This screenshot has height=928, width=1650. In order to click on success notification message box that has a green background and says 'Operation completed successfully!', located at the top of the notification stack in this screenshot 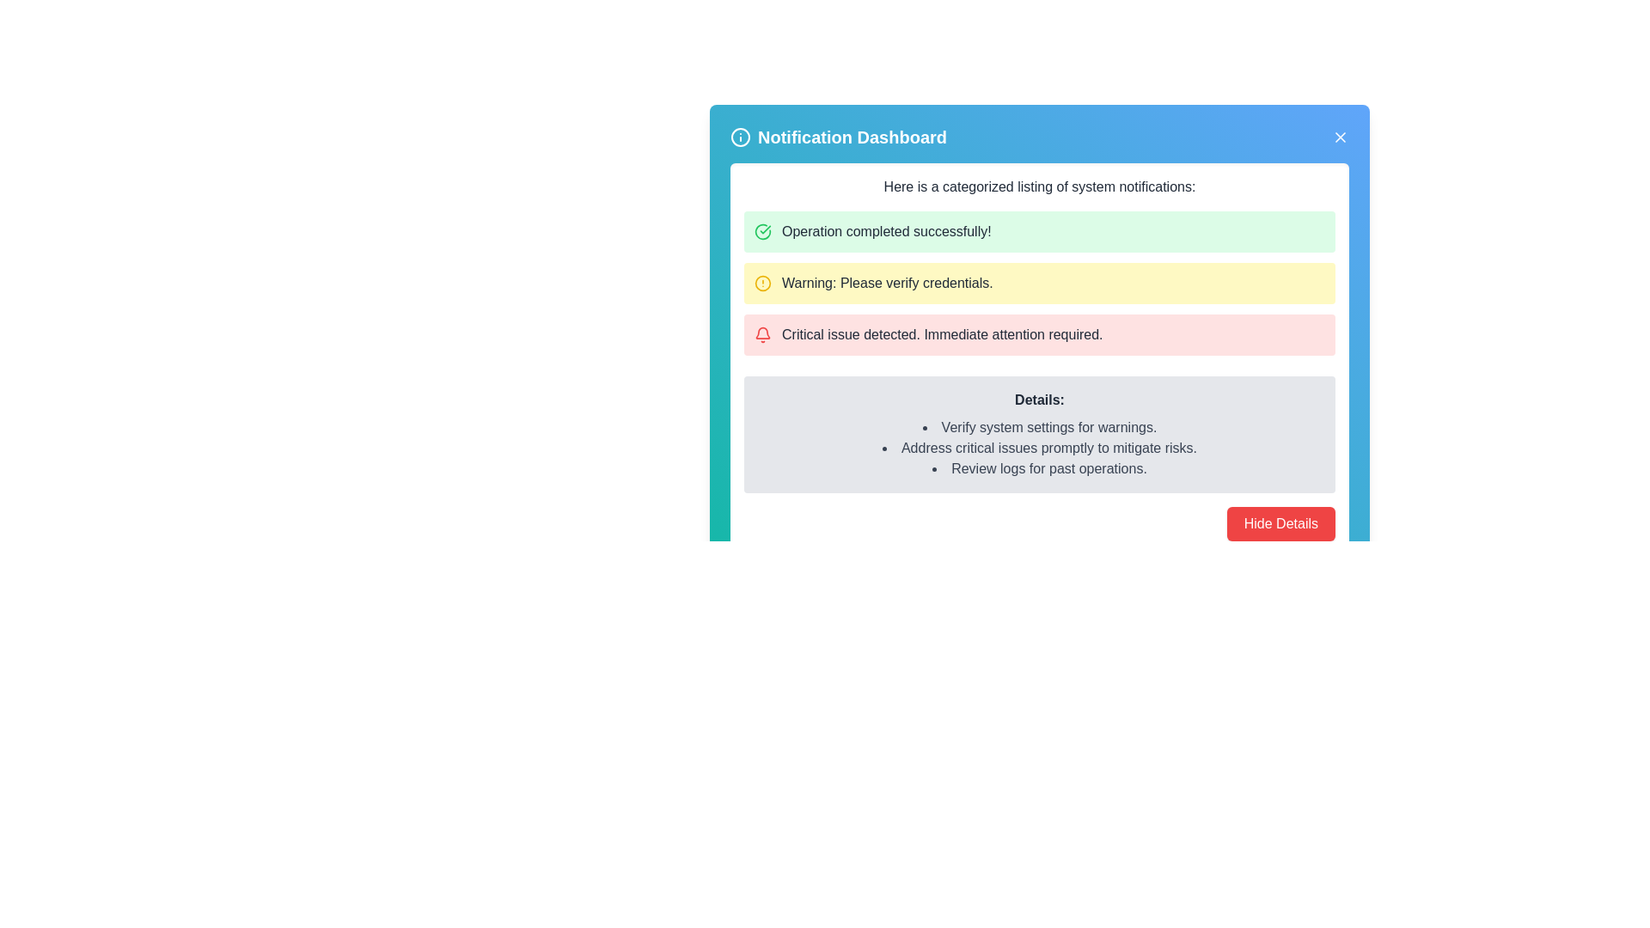, I will do `click(1038, 232)`.